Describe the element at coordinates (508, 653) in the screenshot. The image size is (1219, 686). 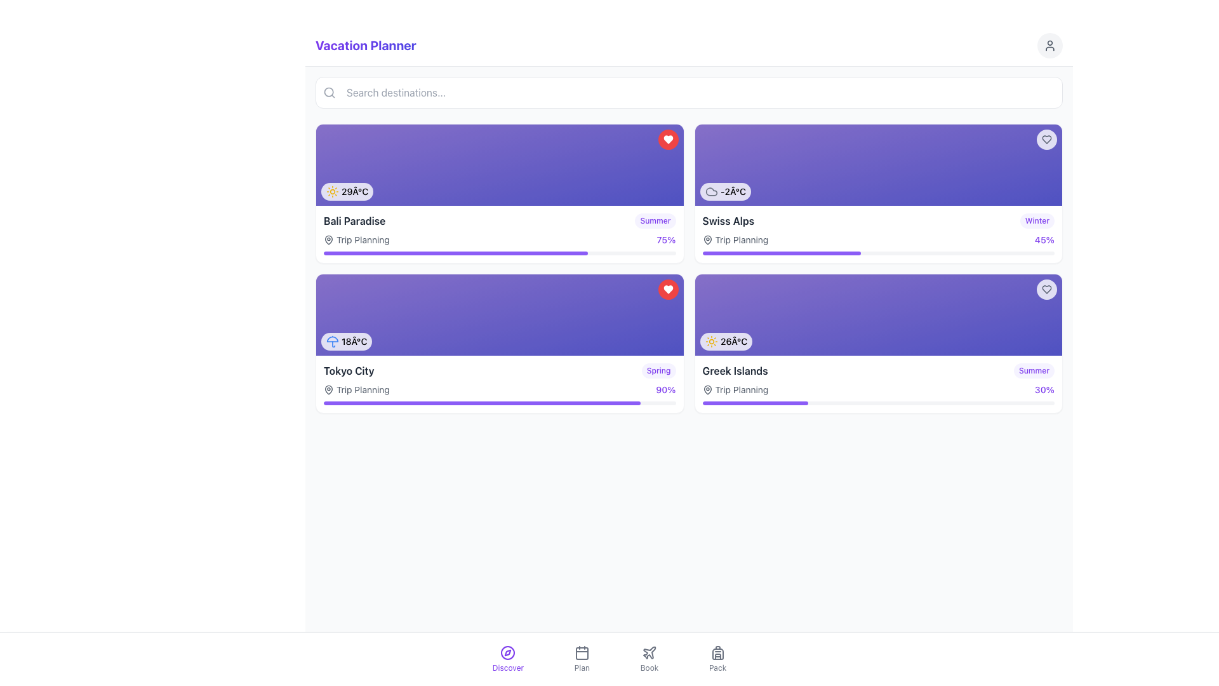
I see `the central circular component of the compass design within the 'Discover' button group located in the bottom navigation bar` at that location.